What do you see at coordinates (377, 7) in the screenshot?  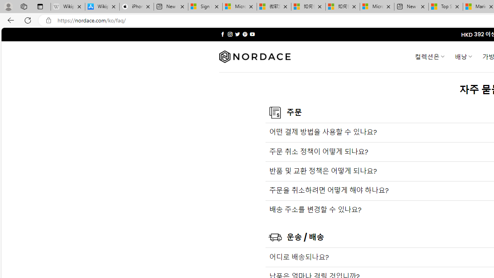 I see `'Microsoft account | Account Checkup'` at bounding box center [377, 7].